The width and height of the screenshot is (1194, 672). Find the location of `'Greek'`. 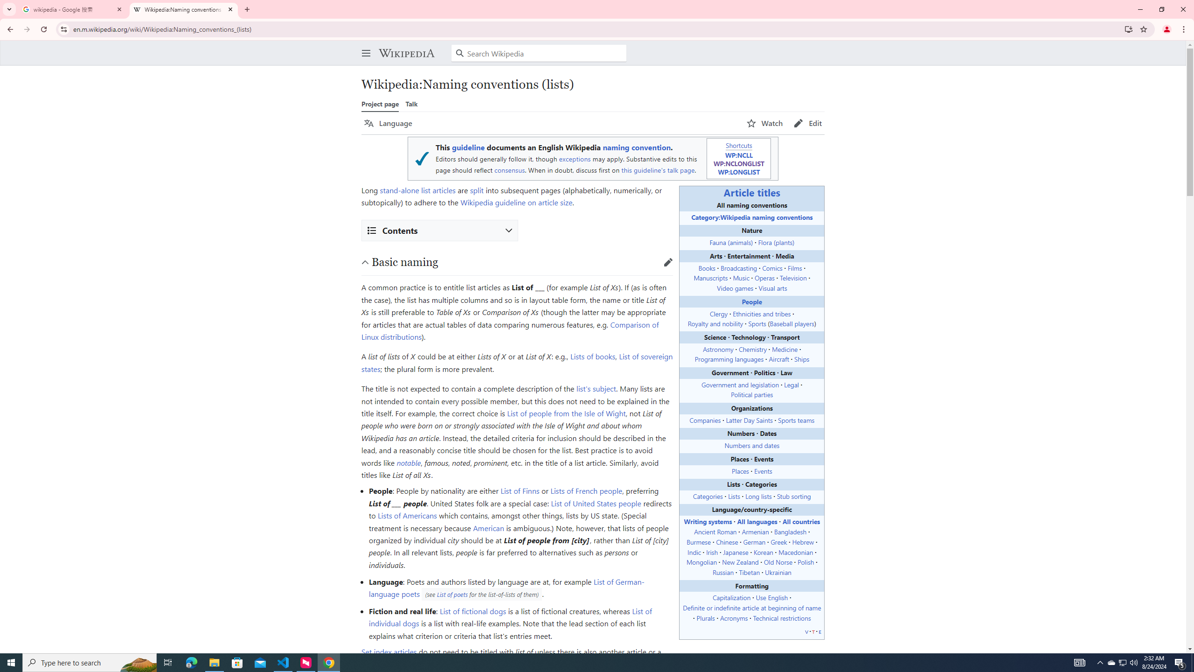

'Greek' is located at coordinates (778, 540).